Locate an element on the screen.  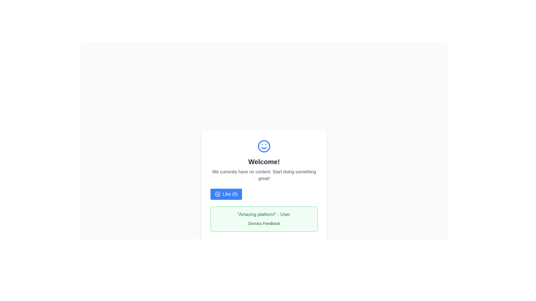
the testimonial text displaying '"Amazing platform!" - User.' styled with a green font on a light green background, located above the 'Dismiss Feedback' button is located at coordinates (264, 214).